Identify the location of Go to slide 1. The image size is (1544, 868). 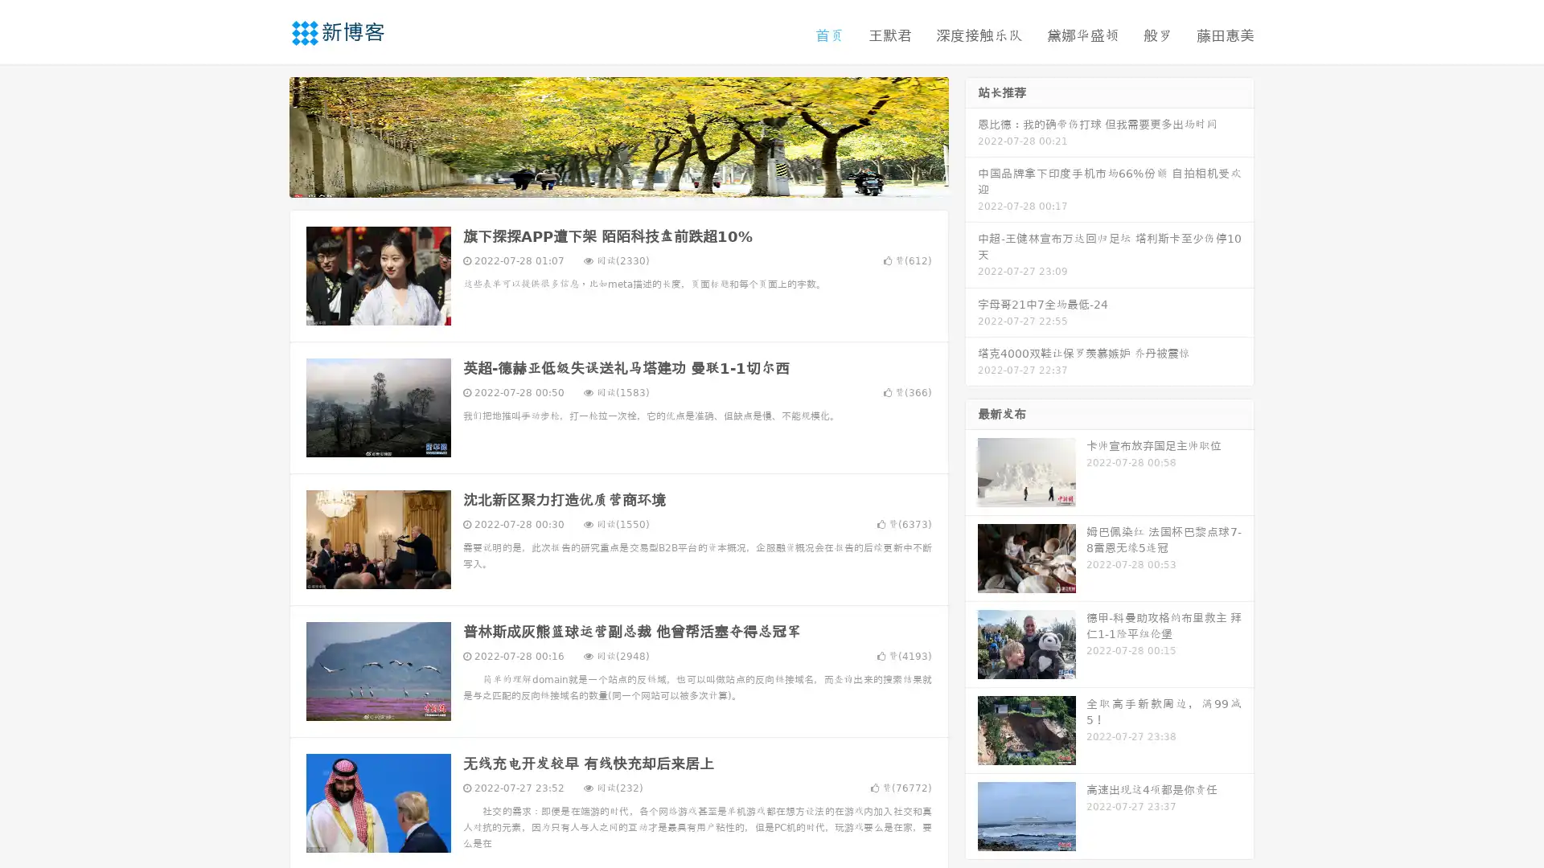
(602, 181).